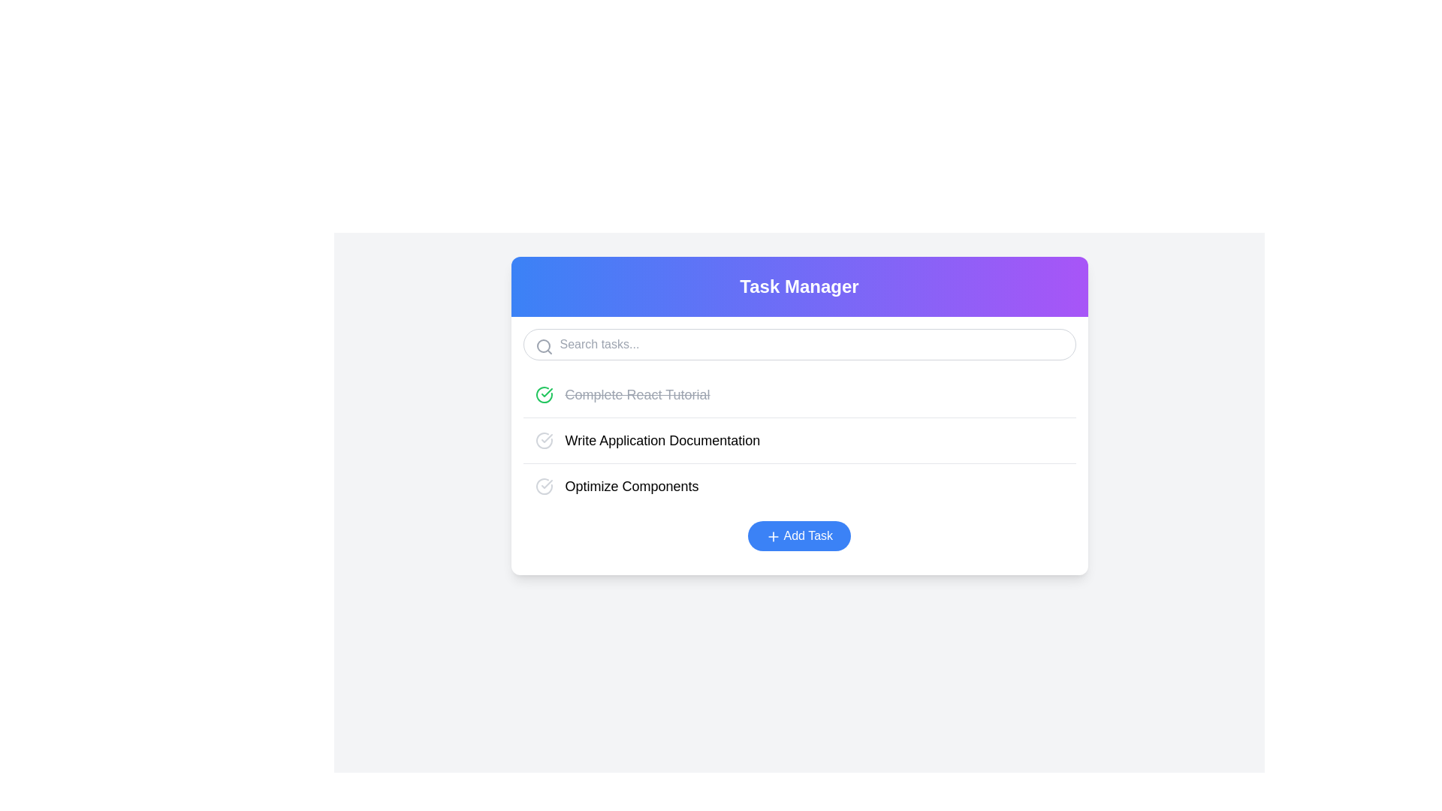 This screenshot has height=811, width=1442. Describe the element at coordinates (617, 487) in the screenshot. I see `the task item labeled 'Optimize Components' with a checkmark icon` at that location.